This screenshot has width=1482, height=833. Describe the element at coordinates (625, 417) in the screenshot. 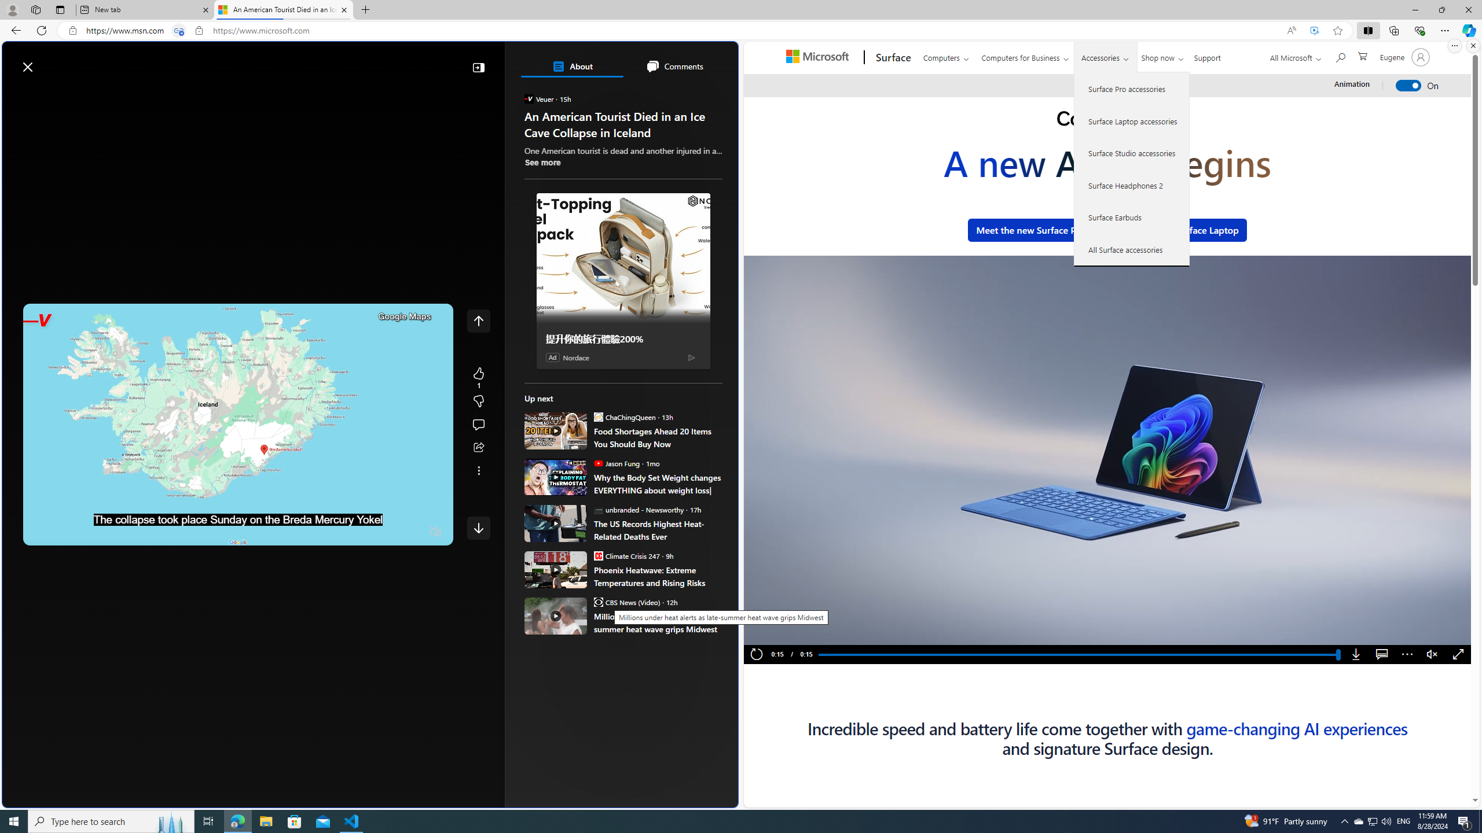

I see `'ChaChingQueen ChaChingQueen'` at that location.